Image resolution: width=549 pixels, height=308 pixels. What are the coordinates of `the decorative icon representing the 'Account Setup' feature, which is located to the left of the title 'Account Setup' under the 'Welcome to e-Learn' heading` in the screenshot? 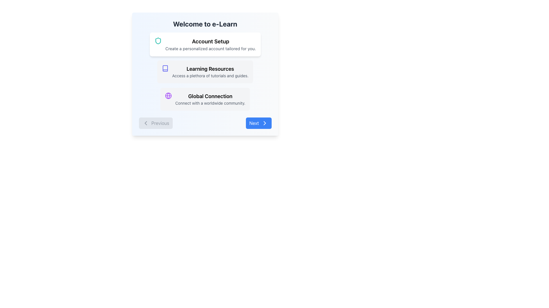 It's located at (158, 40).